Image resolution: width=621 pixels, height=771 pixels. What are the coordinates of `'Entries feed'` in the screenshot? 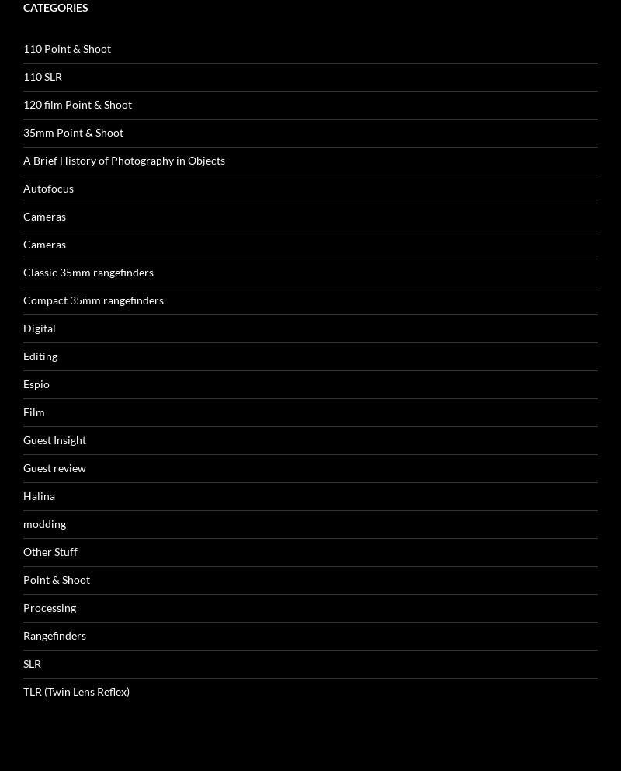 It's located at (52, 610).